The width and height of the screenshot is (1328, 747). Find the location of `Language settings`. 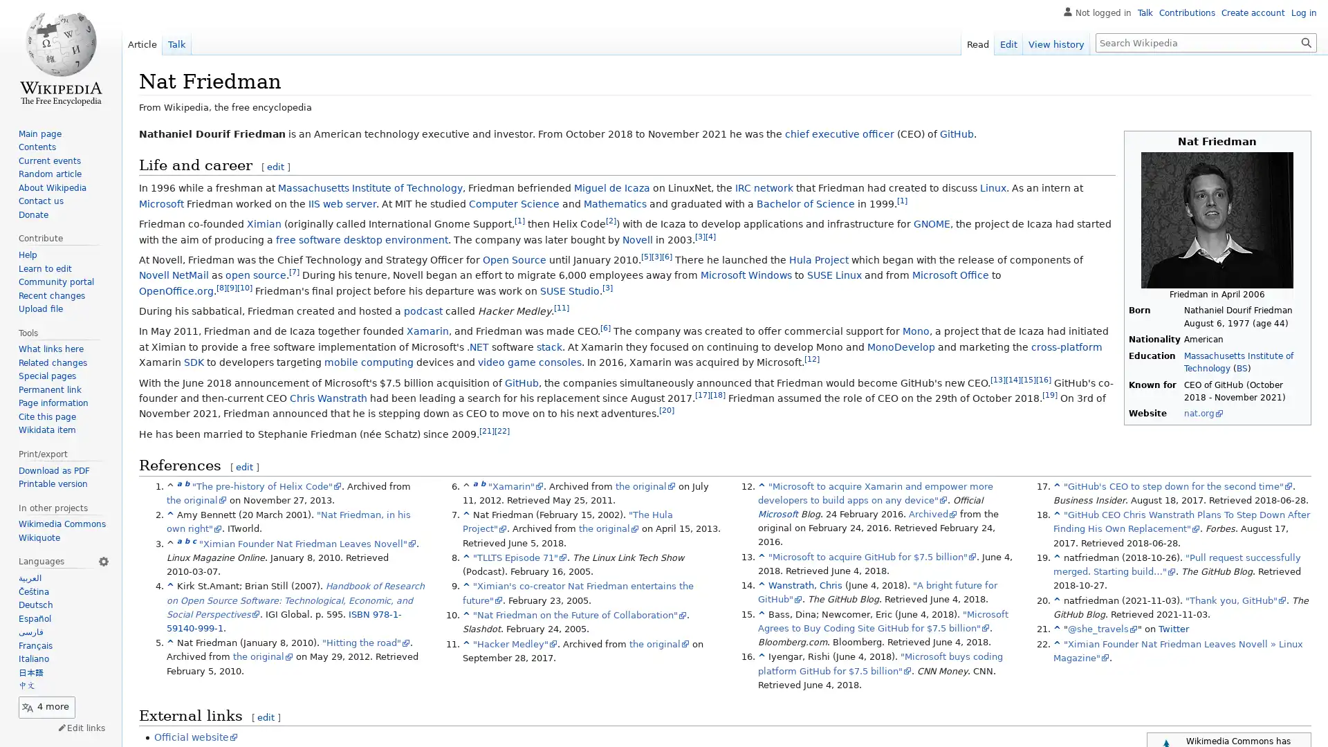

Language settings is located at coordinates (102, 562).